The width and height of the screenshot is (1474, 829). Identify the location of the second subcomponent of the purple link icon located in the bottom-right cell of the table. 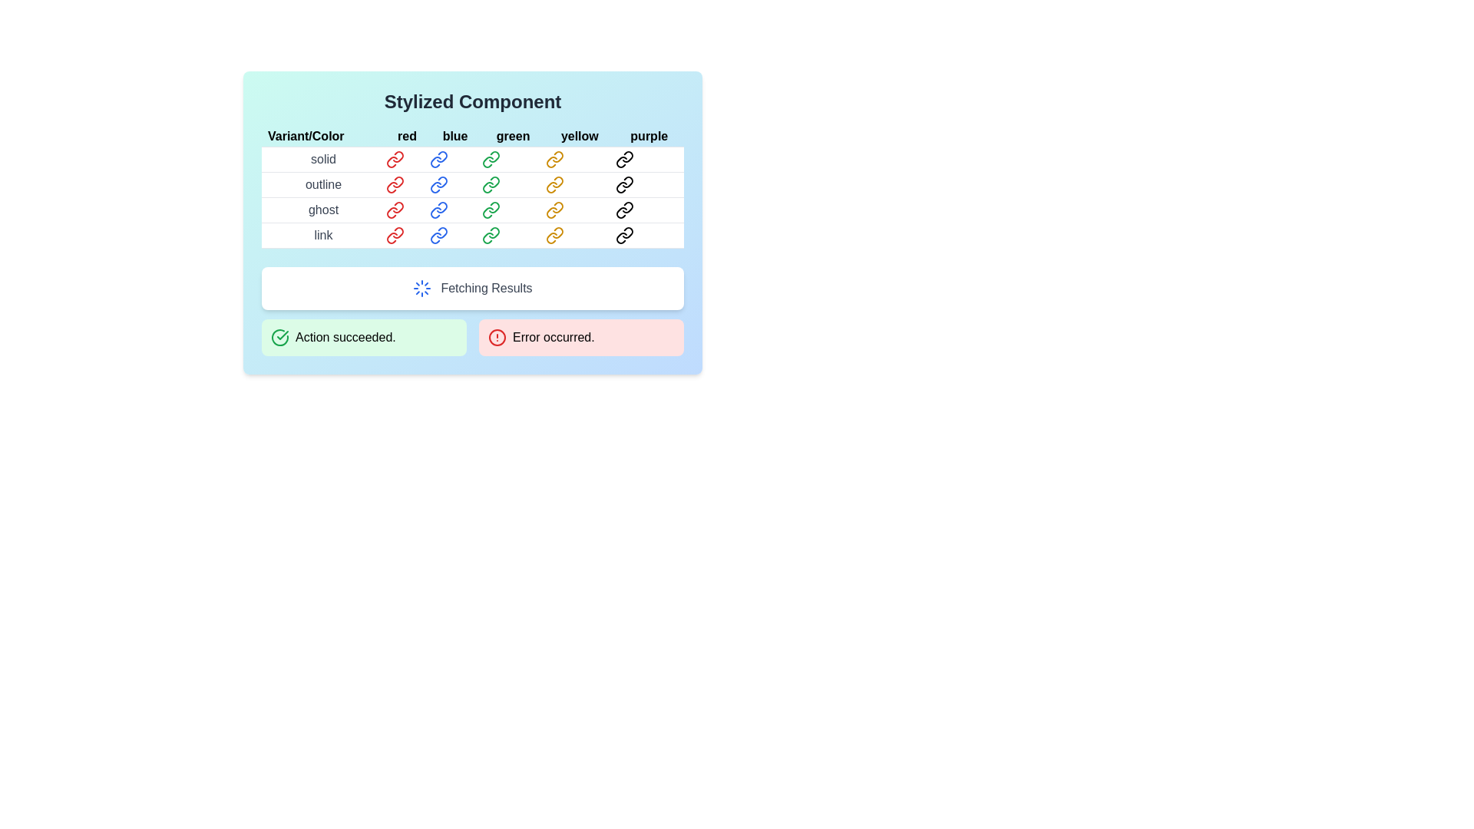
(621, 238).